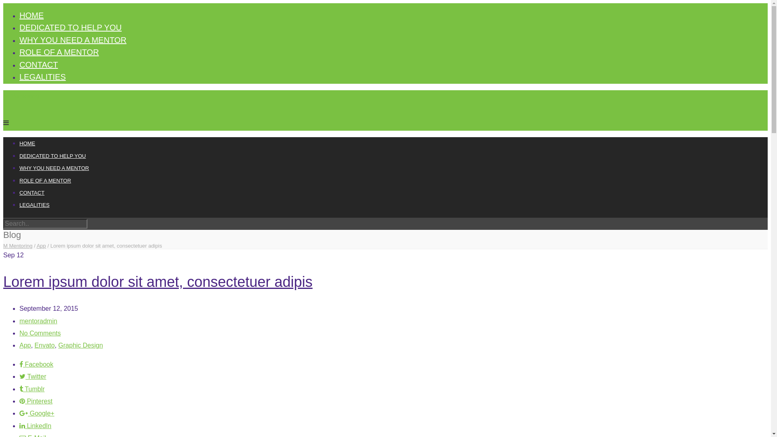 This screenshot has height=437, width=777. I want to click on 'LinkedIn', so click(35, 425).